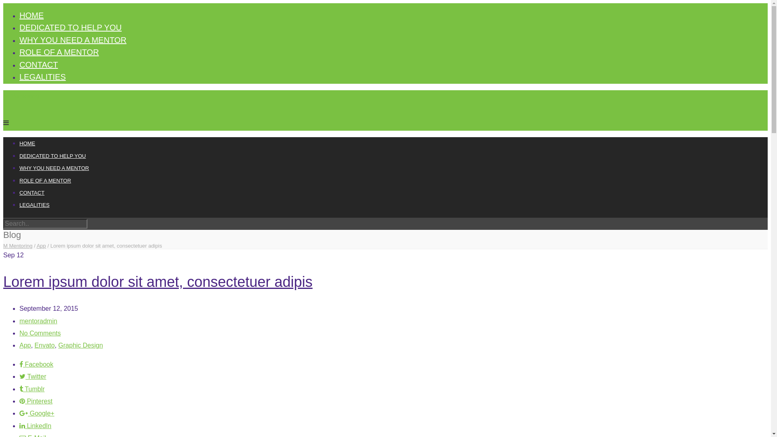 This screenshot has height=437, width=777. I want to click on 'LinkedIn', so click(35, 425).